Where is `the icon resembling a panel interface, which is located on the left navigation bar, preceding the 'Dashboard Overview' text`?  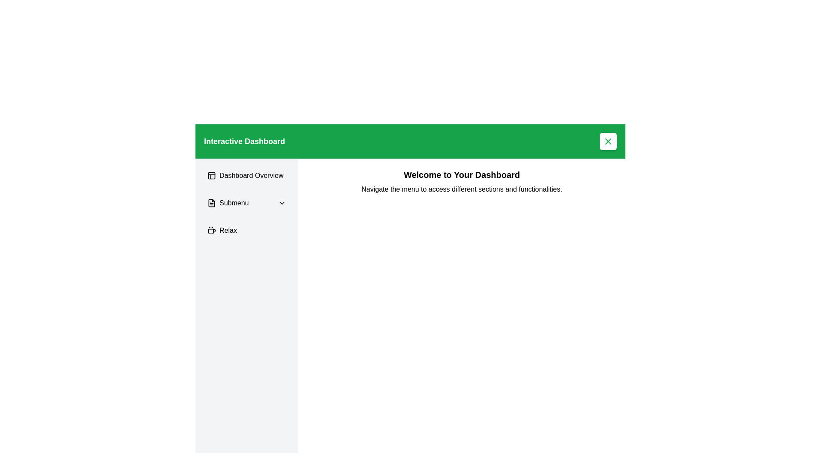 the icon resembling a panel interface, which is located on the left navigation bar, preceding the 'Dashboard Overview' text is located at coordinates (212, 175).